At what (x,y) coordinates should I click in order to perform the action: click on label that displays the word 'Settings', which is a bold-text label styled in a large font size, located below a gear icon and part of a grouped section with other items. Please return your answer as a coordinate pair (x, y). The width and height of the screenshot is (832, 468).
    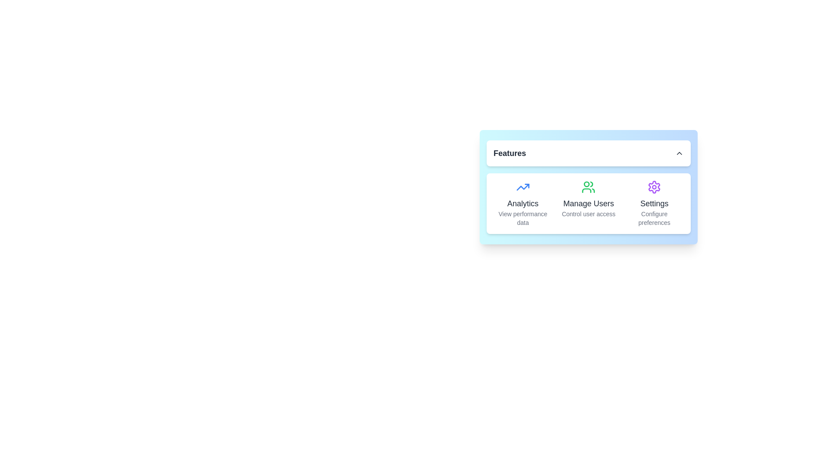
    Looking at the image, I should click on (654, 204).